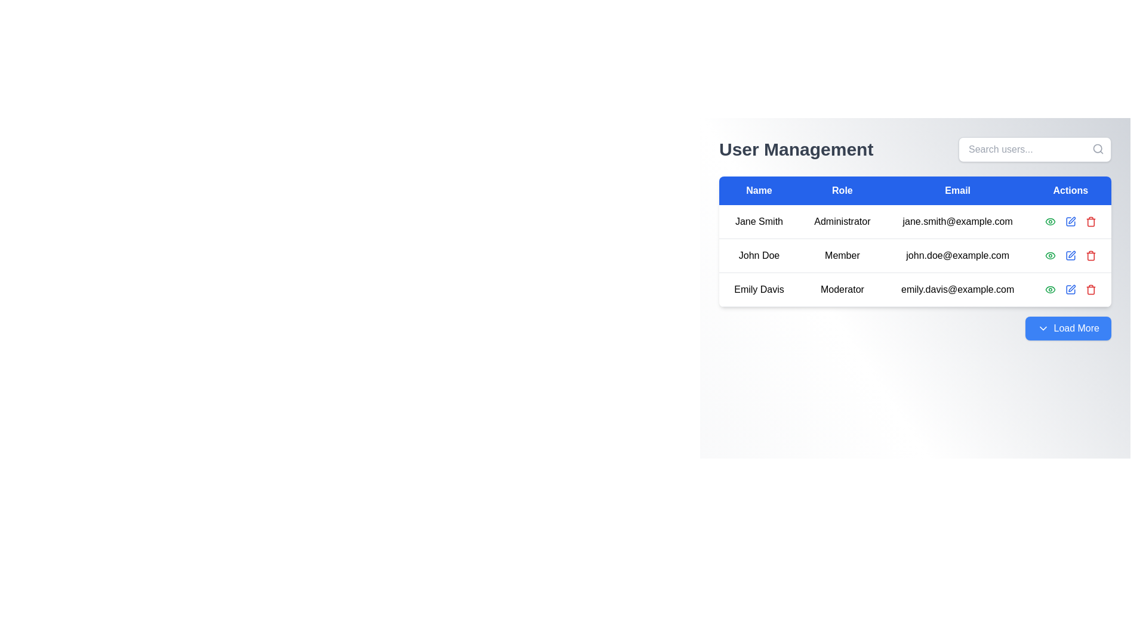  What do you see at coordinates (1070, 221) in the screenshot?
I see `the blue edit icon resembling a pen in the Actions section of the user management table to initiate the edit functionality` at bounding box center [1070, 221].